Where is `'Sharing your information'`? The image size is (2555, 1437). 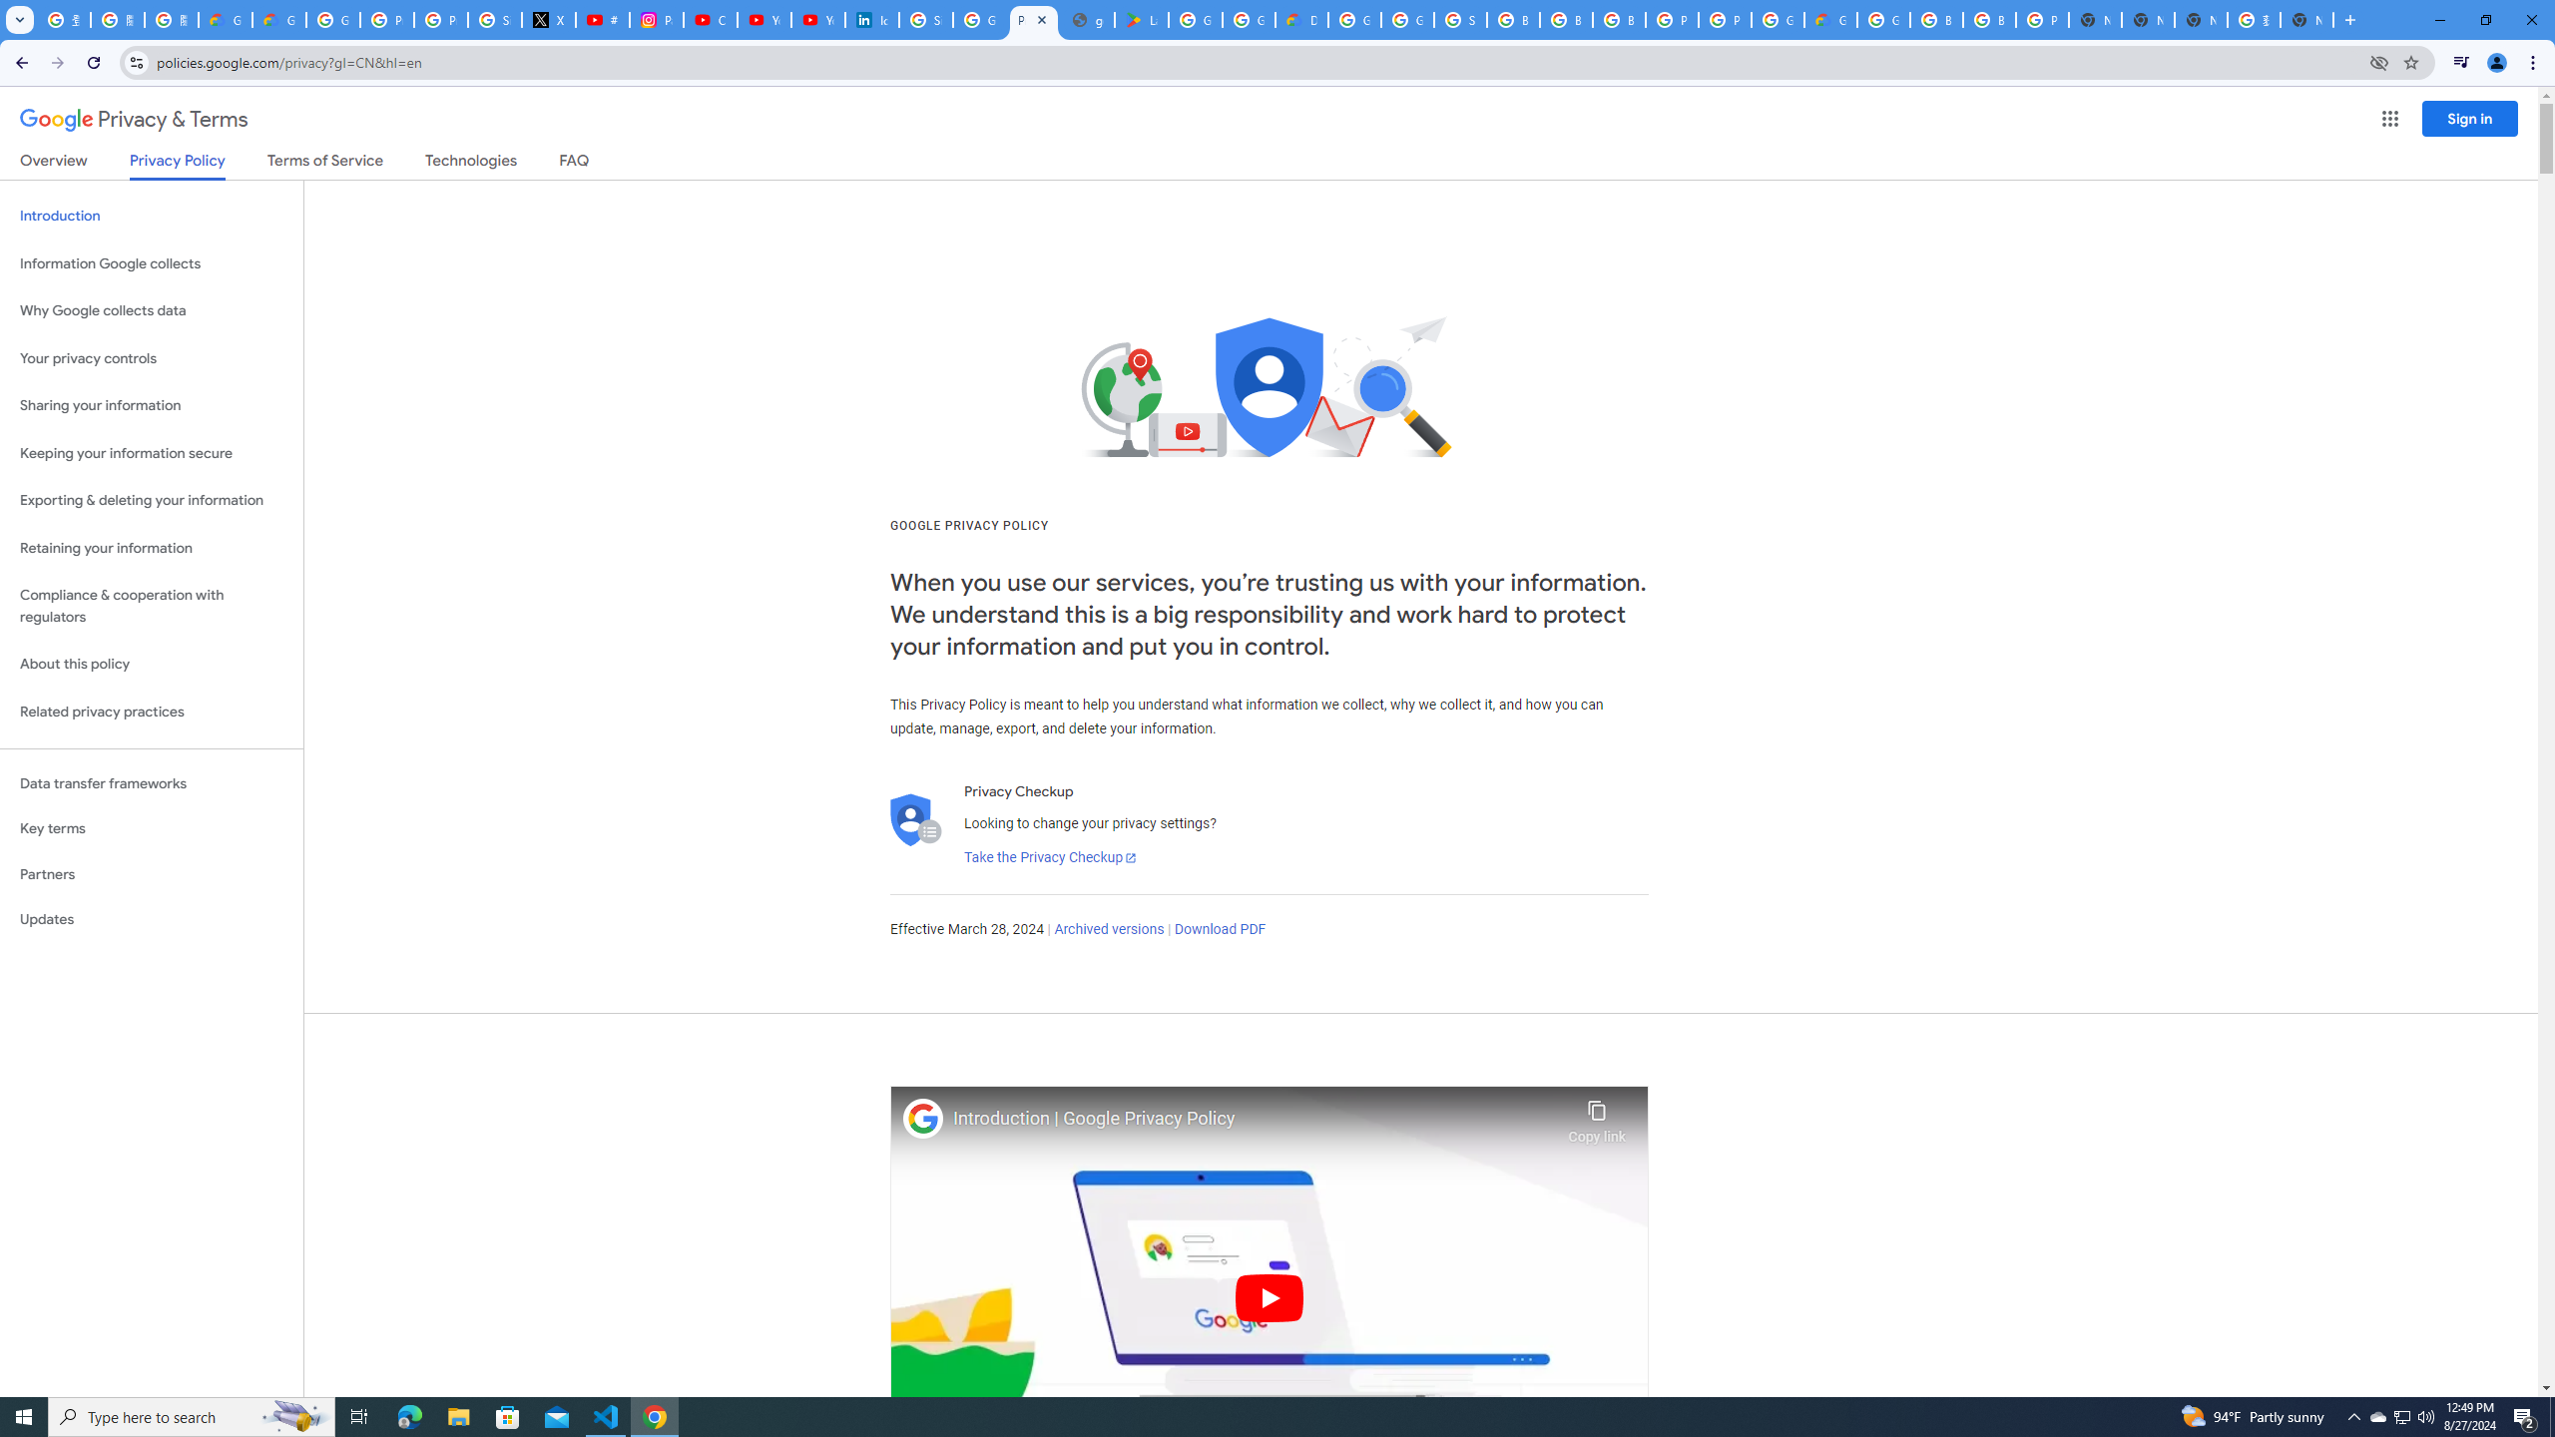 'Sharing your information' is located at coordinates (151, 404).